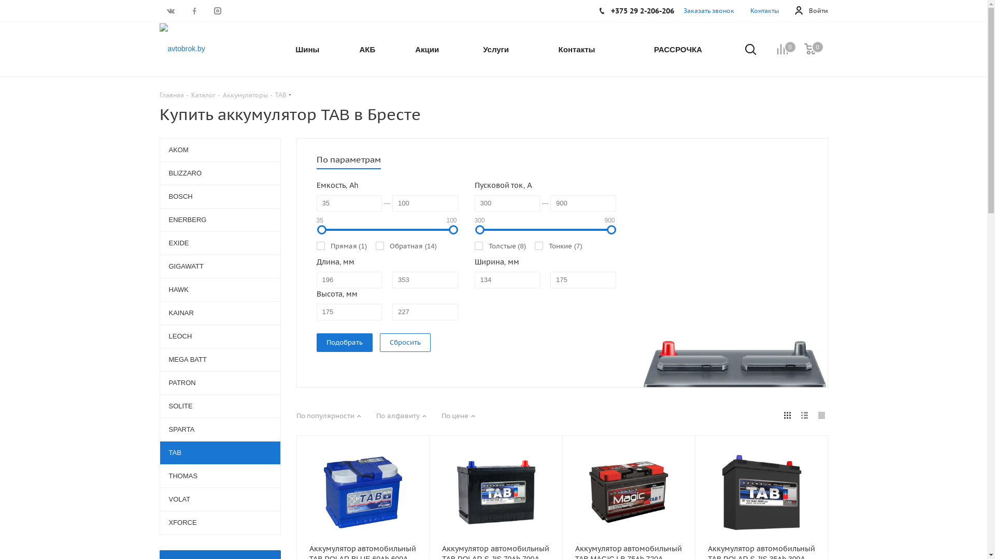  I want to click on 'GIGAWATT', so click(159, 266).